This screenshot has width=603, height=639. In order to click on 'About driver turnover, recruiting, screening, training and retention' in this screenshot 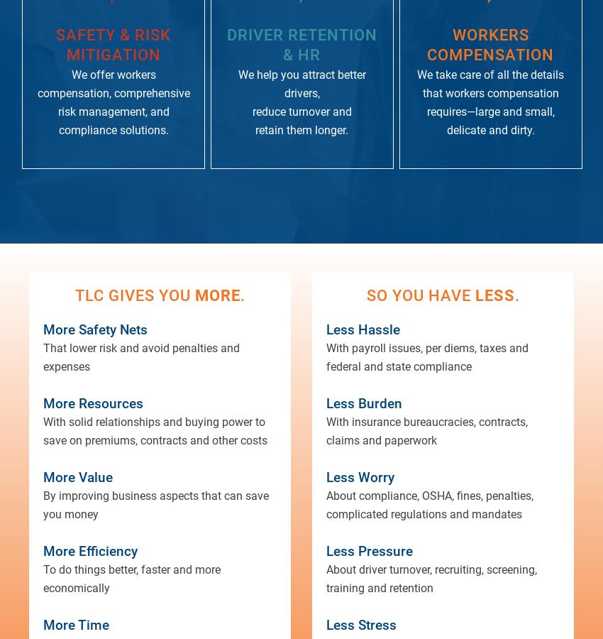, I will do `click(431, 579)`.